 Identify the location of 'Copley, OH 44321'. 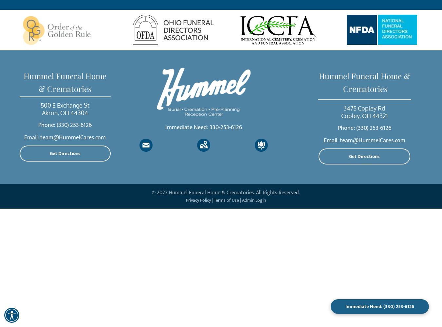
(341, 115).